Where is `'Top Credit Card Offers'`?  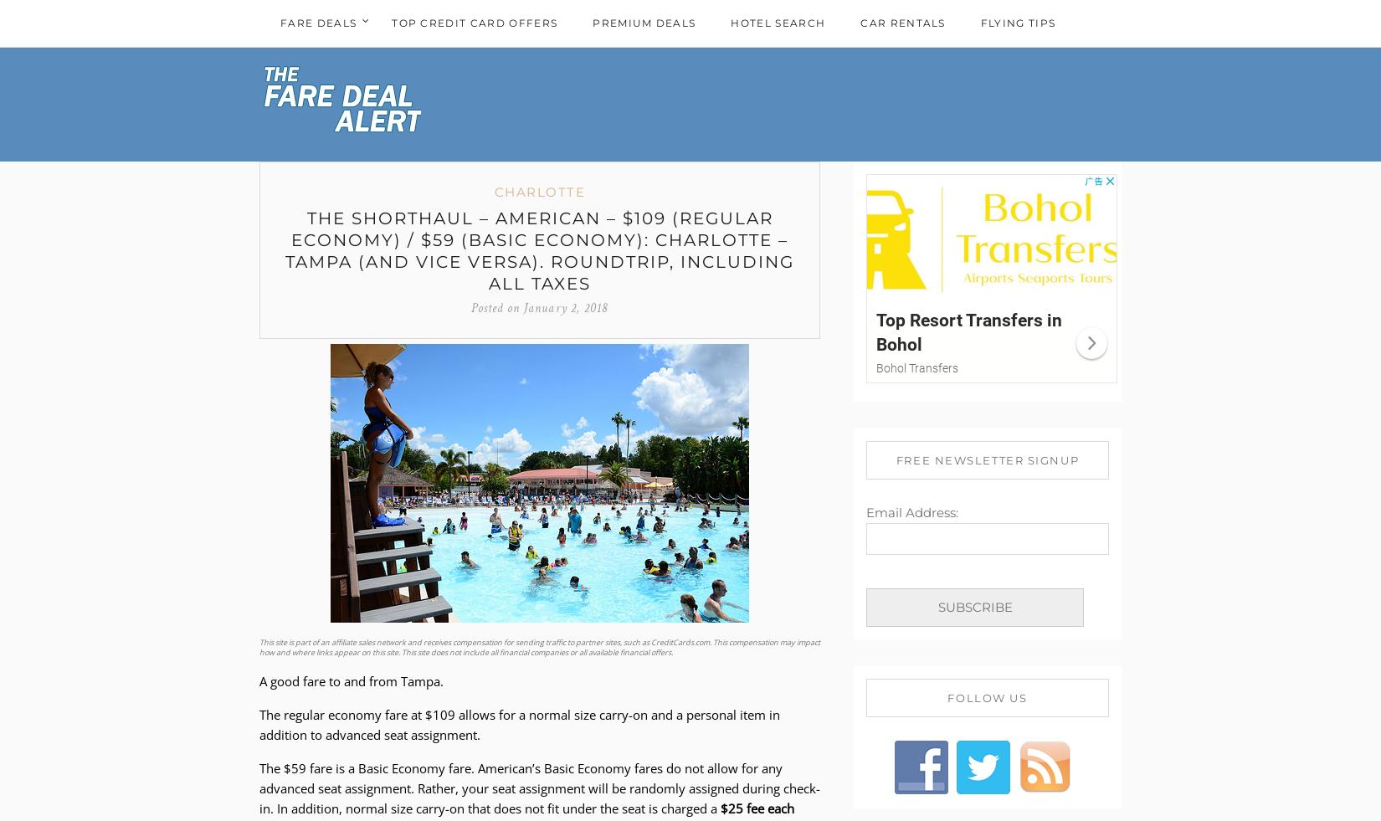 'Top Credit Card Offers' is located at coordinates (473, 22).